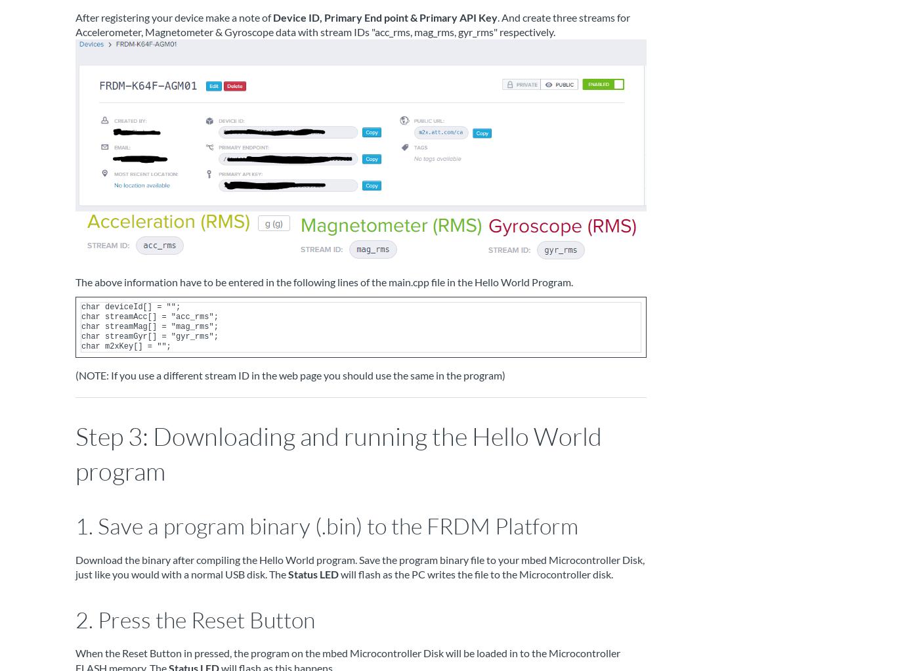 This screenshot has width=919, height=671. What do you see at coordinates (324, 282) in the screenshot?
I see `'The above information have to be entered in the following lines of the main.cpp file in the Hello World Program.'` at bounding box center [324, 282].